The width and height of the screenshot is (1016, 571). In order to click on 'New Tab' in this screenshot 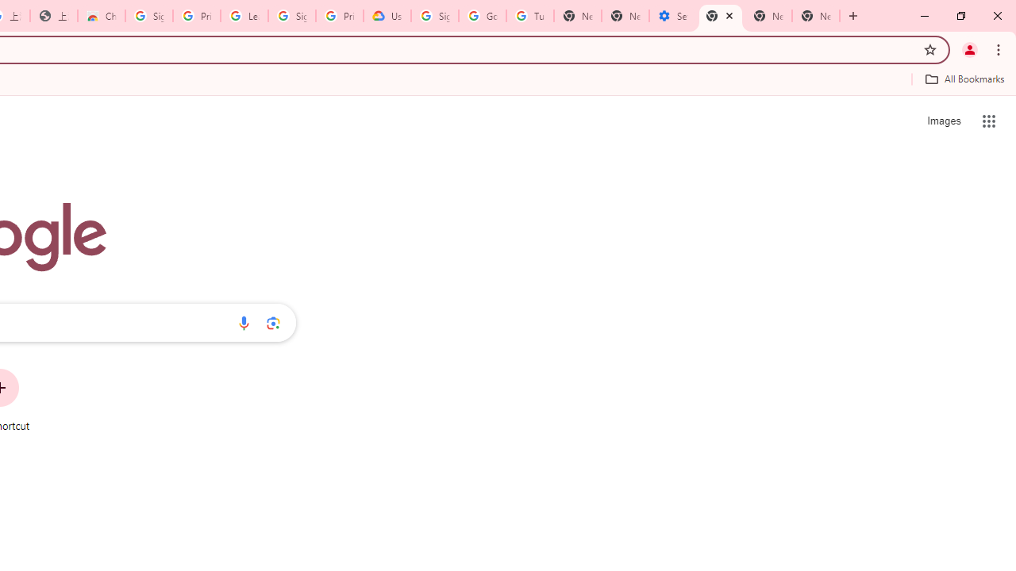, I will do `click(816, 16)`.